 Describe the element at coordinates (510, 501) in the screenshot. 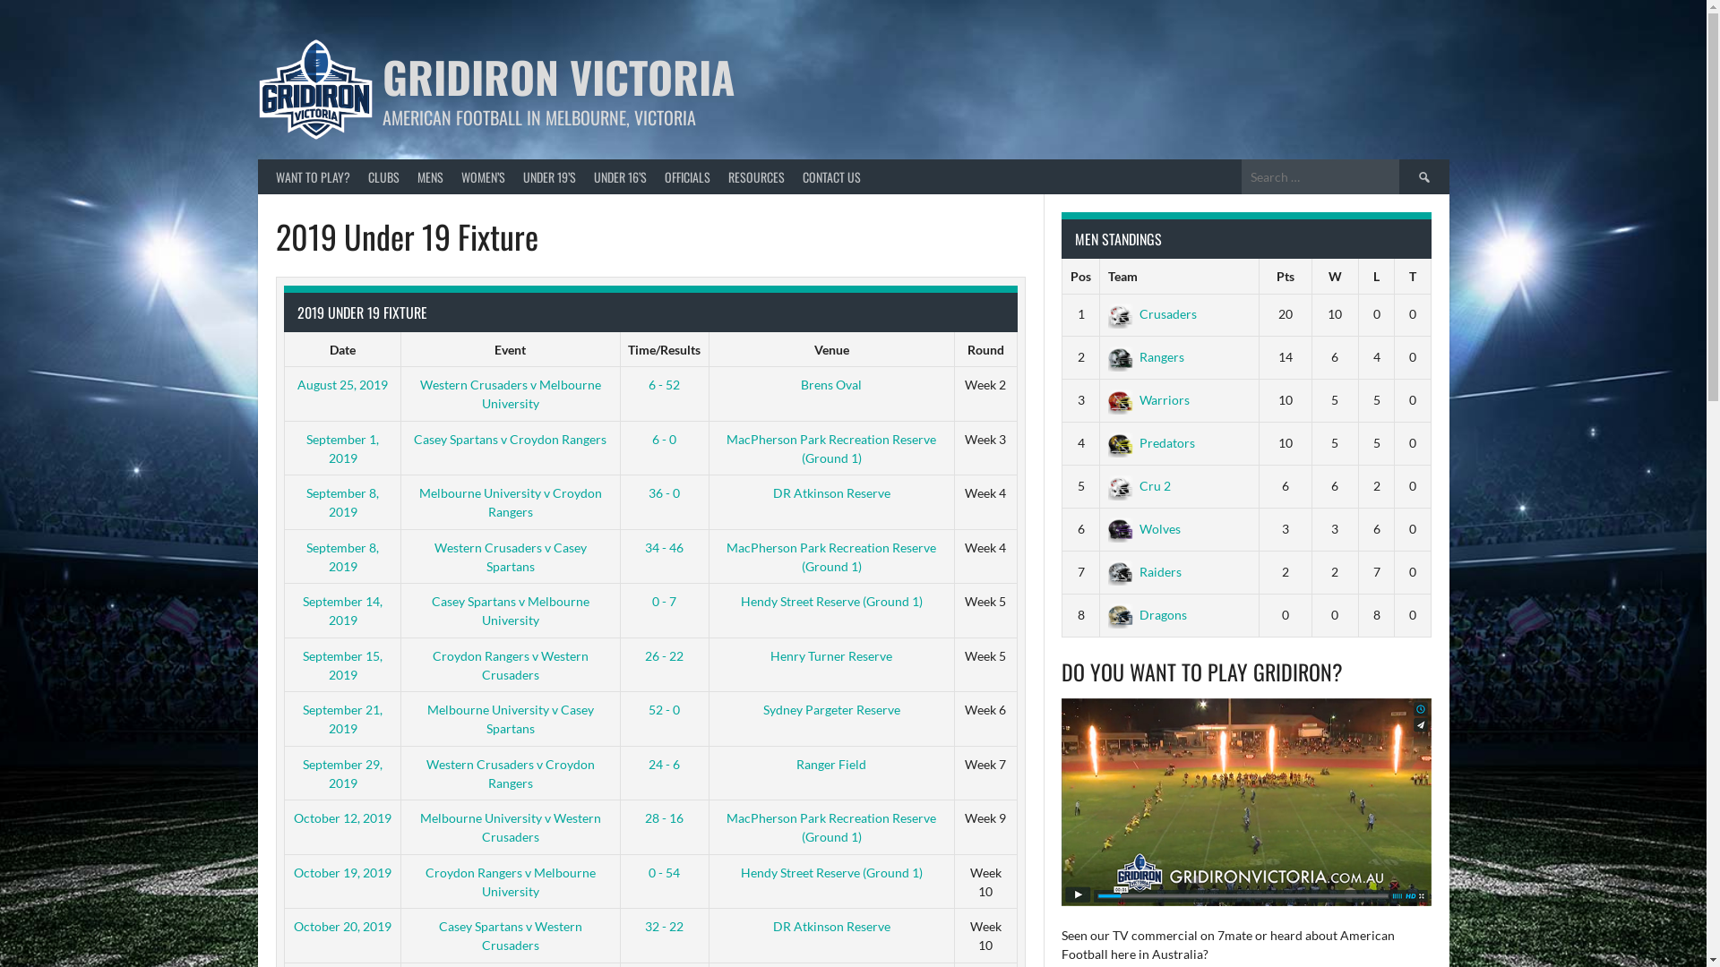

I see `'Melbourne University v Croydon Rangers'` at that location.